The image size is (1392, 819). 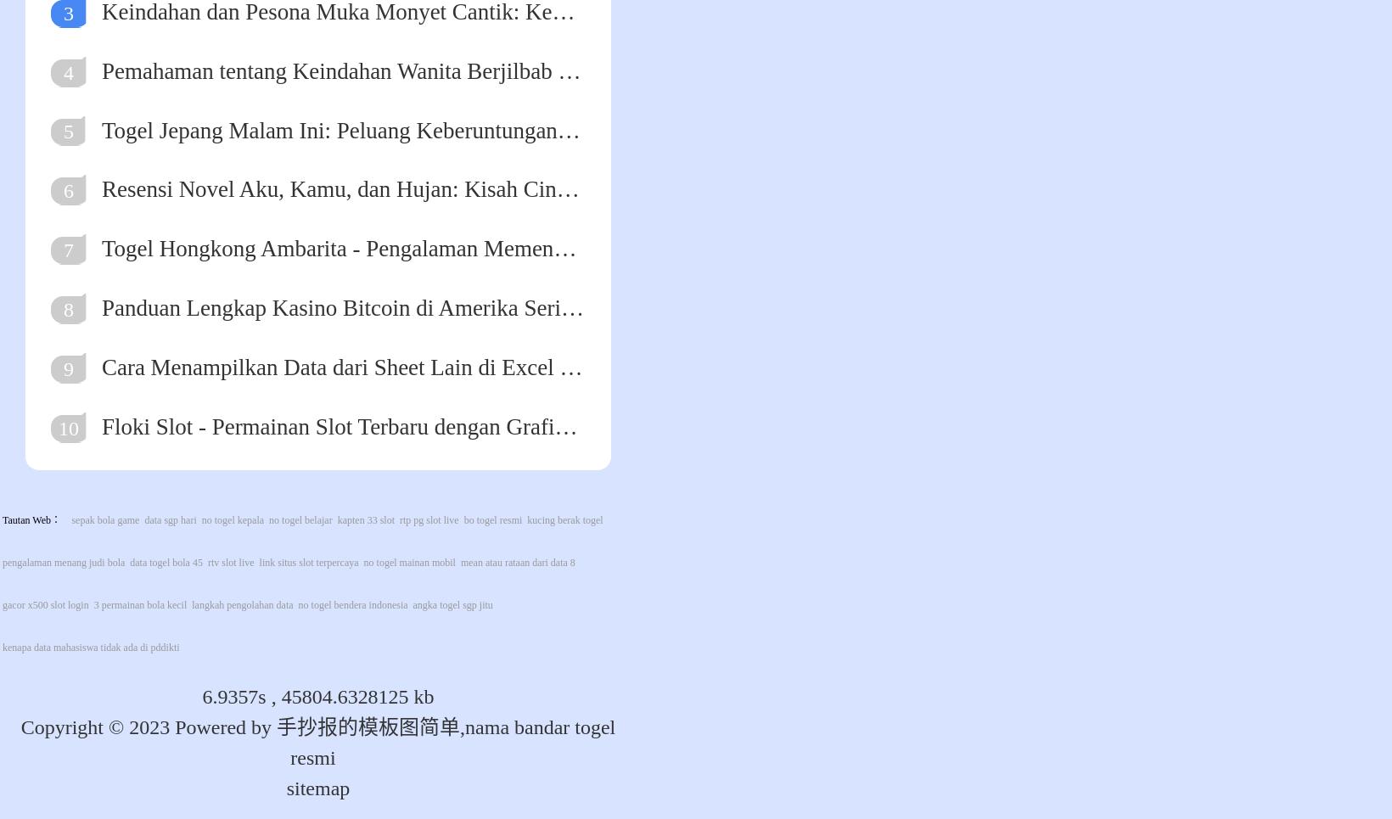 I want to click on 'kenapa data mahasiswa tidak ada di pddikti', so click(x=89, y=647).